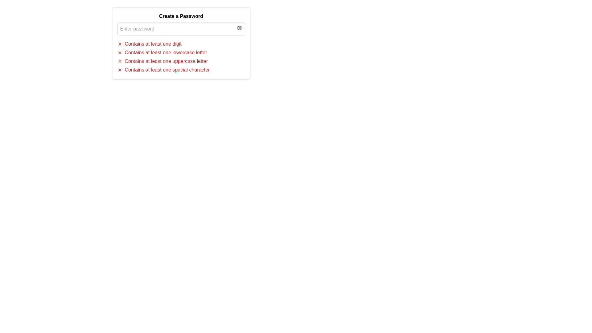 Image resolution: width=592 pixels, height=333 pixels. Describe the element at coordinates (167, 70) in the screenshot. I see `the static text label that states 'Contains at least one special character.' which is displayed in red color and positioned as the last item in a list of password requirements` at that location.